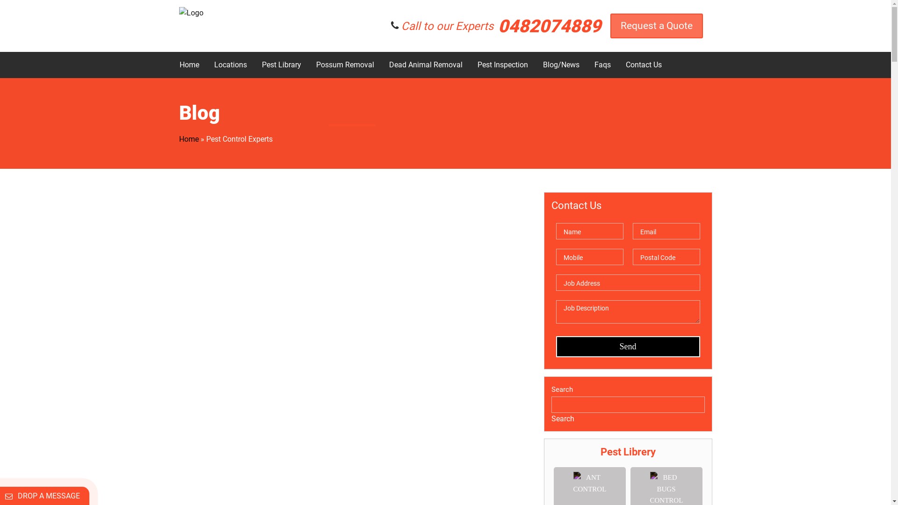 This screenshot has height=505, width=898. I want to click on 'Send', so click(628, 346).